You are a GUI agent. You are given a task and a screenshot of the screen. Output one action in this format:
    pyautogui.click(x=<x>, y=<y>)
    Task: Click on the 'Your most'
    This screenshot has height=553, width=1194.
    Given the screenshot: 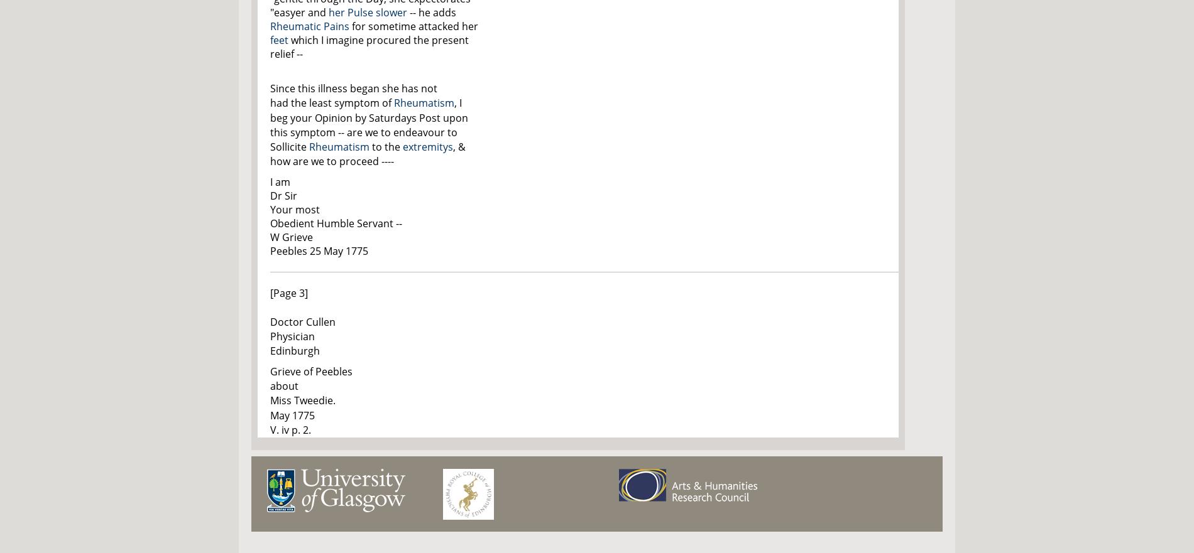 What is the action you would take?
    pyautogui.click(x=294, y=209)
    